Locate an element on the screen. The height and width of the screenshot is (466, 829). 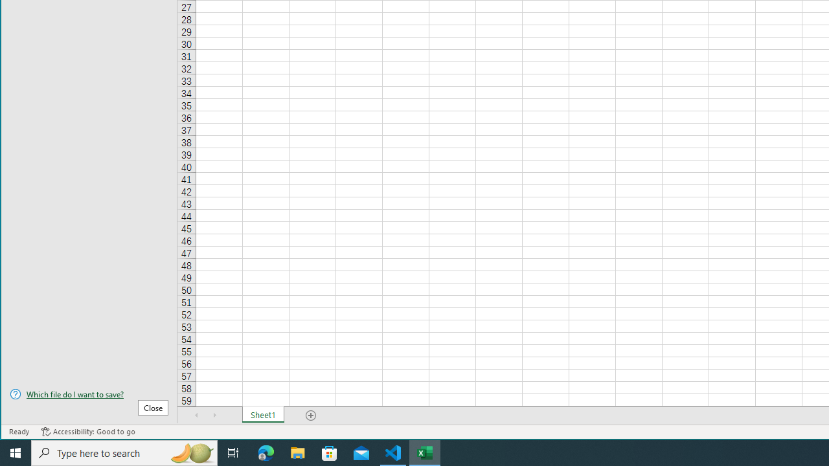
'Visual Studio Code - 1 running window' is located at coordinates (392, 452).